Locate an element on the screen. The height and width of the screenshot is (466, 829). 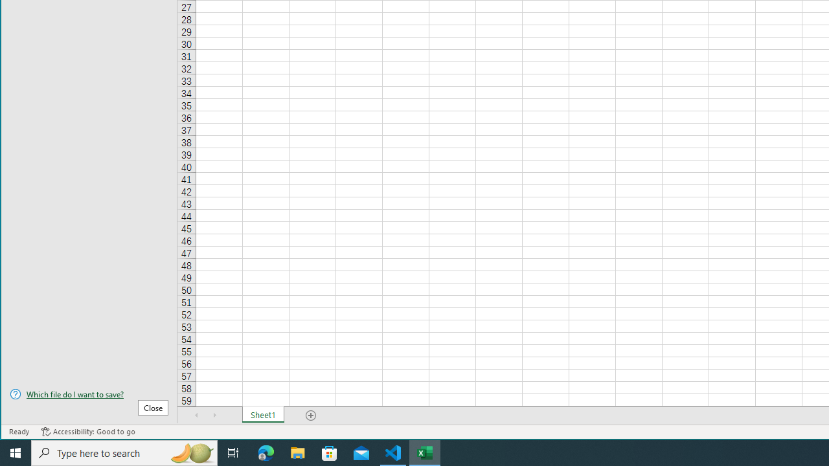
'Visual Studio Code - 1 running window' is located at coordinates (392, 452).